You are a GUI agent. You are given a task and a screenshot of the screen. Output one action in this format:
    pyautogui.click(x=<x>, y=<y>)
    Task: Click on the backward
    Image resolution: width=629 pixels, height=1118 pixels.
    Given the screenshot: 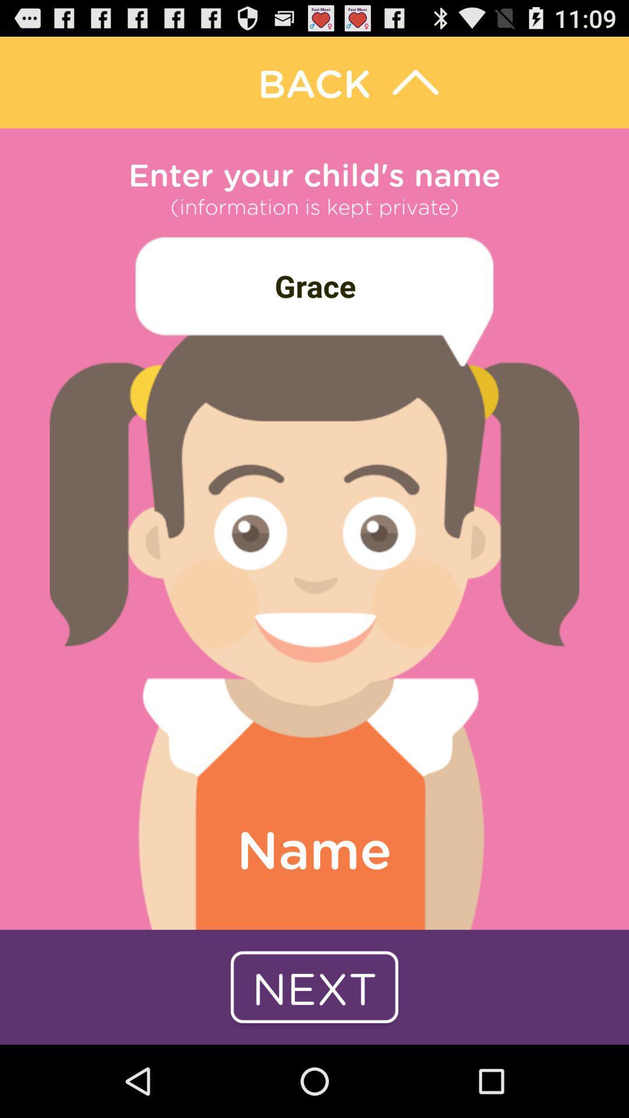 What is the action you would take?
    pyautogui.click(x=314, y=82)
    